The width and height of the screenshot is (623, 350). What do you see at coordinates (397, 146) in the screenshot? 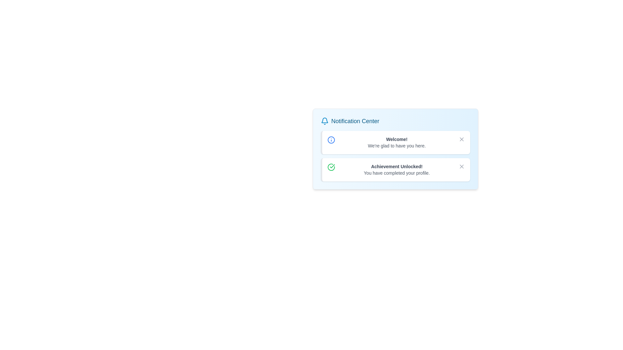
I see `the static text UI component that displays the message 'We're glad to have you here.' located below the 'Welcome!' title within the notification card` at bounding box center [397, 146].